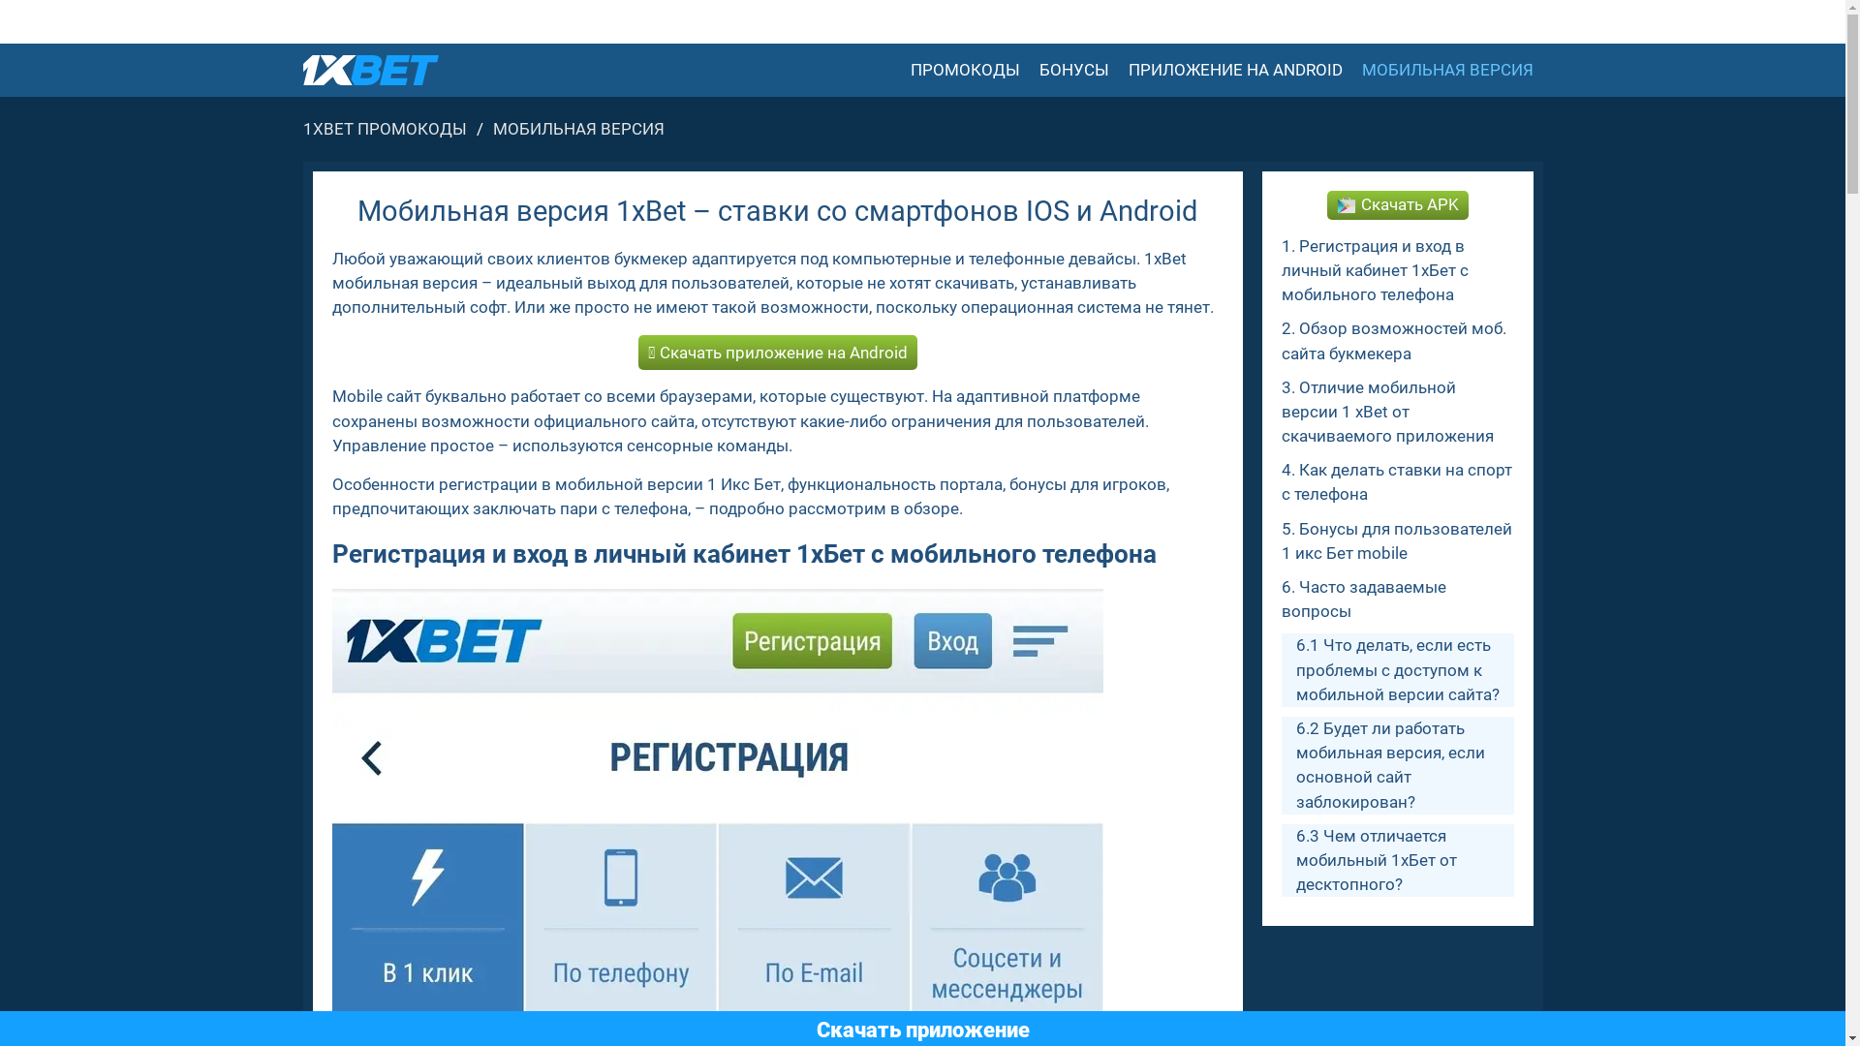 Image resolution: width=1860 pixels, height=1046 pixels. What do you see at coordinates (370, 69) in the screenshot?
I see `'1XBet'` at bounding box center [370, 69].